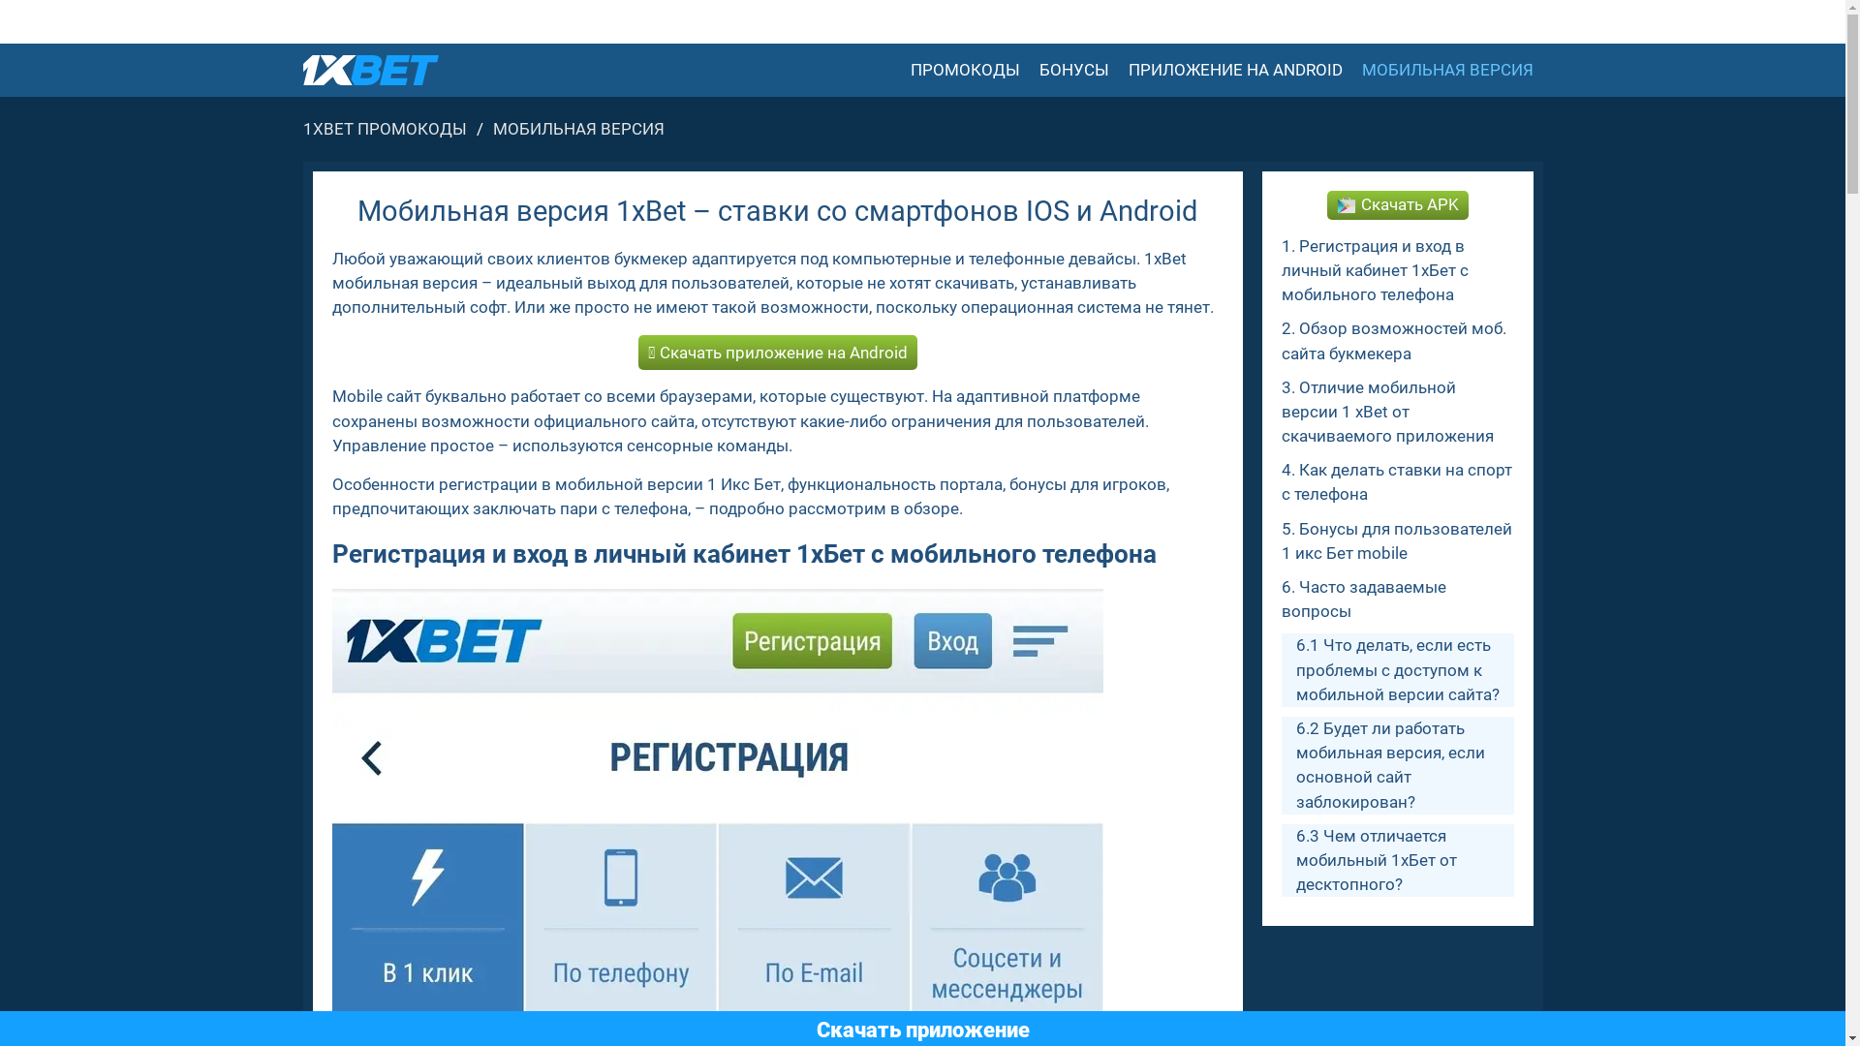 Image resolution: width=1860 pixels, height=1046 pixels. What do you see at coordinates (370, 69) in the screenshot?
I see `'1XBet'` at bounding box center [370, 69].